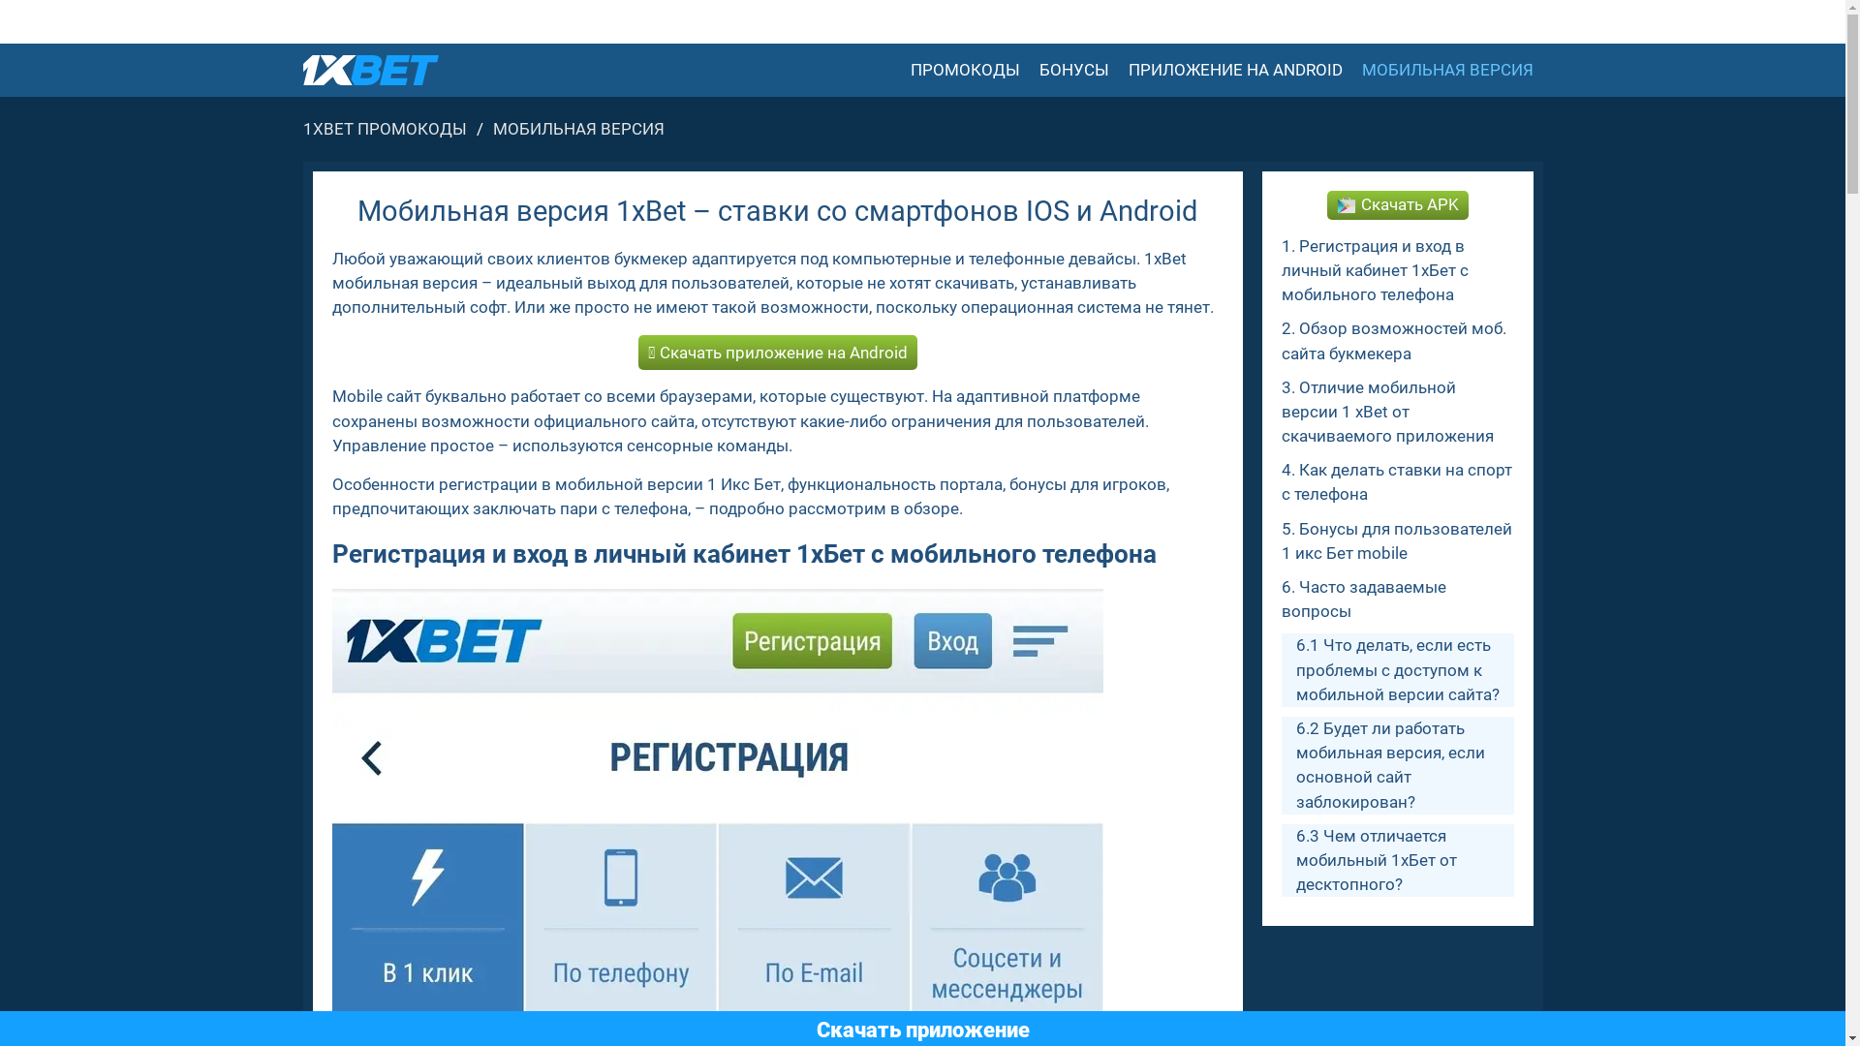 Image resolution: width=1860 pixels, height=1046 pixels. What do you see at coordinates (370, 69) in the screenshot?
I see `'1XBet'` at bounding box center [370, 69].